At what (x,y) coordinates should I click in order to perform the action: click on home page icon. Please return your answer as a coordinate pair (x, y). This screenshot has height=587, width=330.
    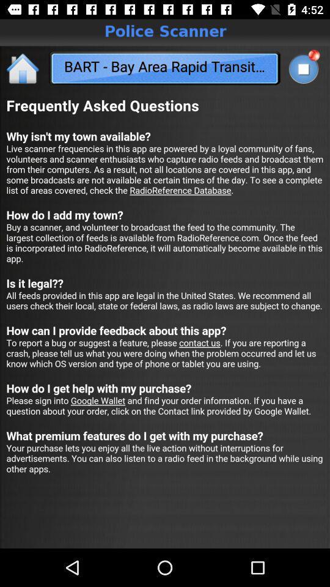
    Looking at the image, I should click on (23, 68).